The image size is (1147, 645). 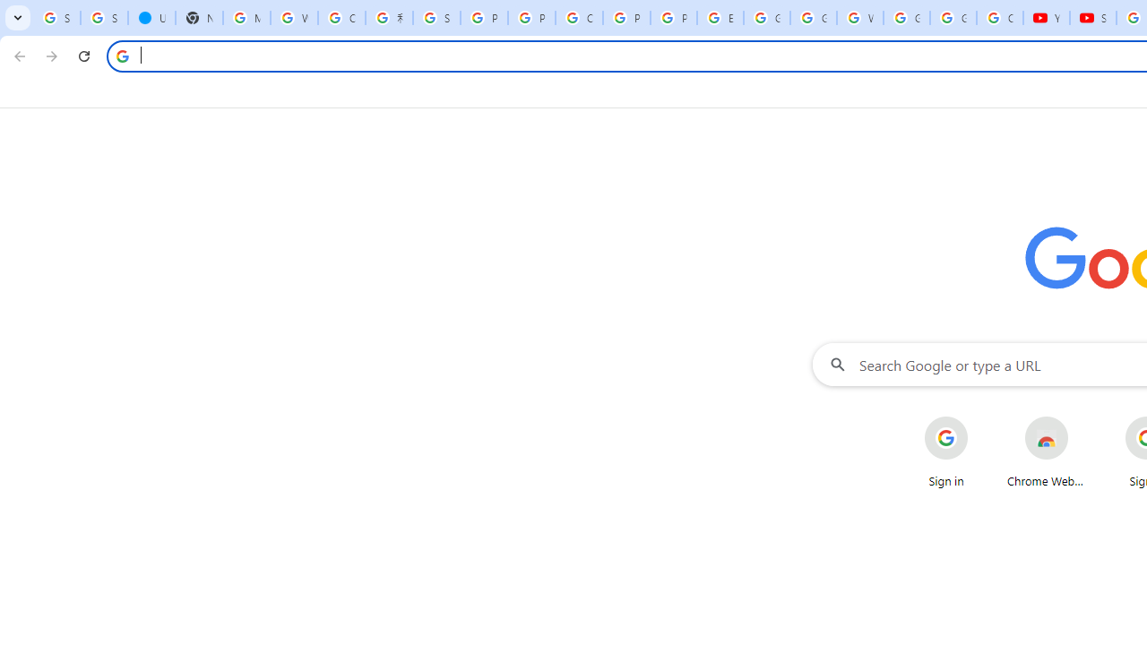 I want to click on 'Google Account', so click(x=953, y=18).